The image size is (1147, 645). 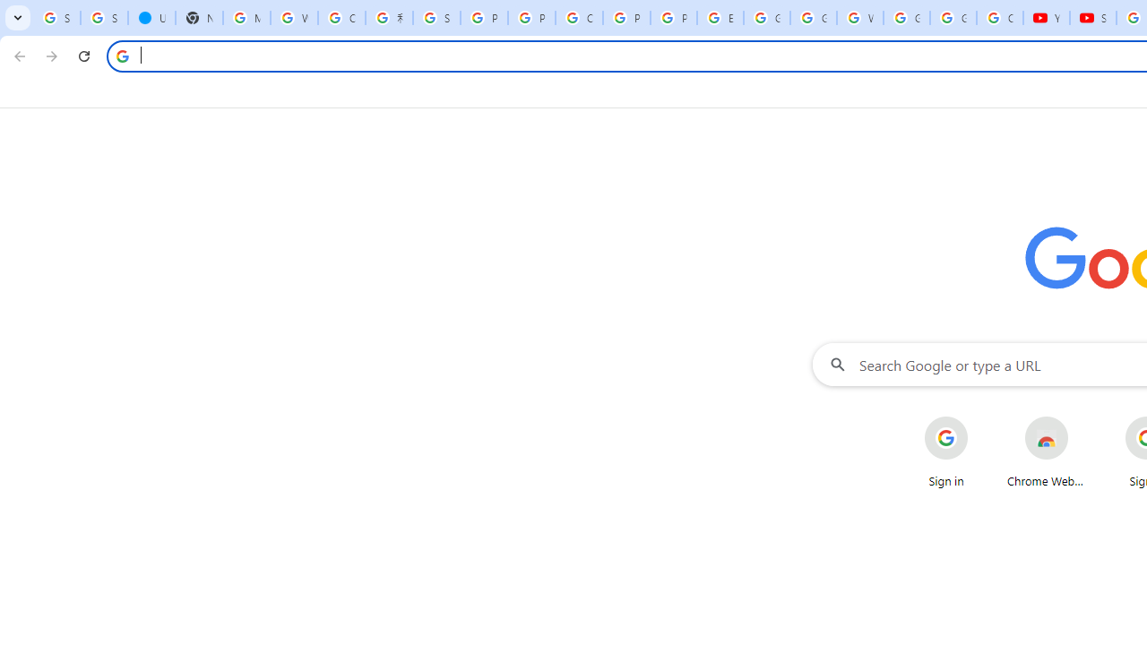 I want to click on 'Google Account', so click(x=953, y=18).